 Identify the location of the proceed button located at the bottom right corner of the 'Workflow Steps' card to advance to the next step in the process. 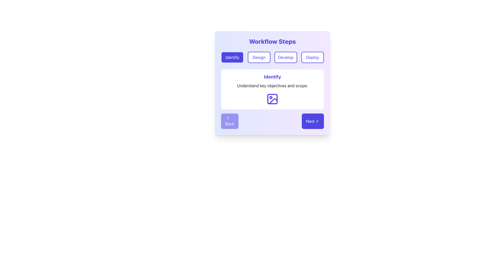
(312, 121).